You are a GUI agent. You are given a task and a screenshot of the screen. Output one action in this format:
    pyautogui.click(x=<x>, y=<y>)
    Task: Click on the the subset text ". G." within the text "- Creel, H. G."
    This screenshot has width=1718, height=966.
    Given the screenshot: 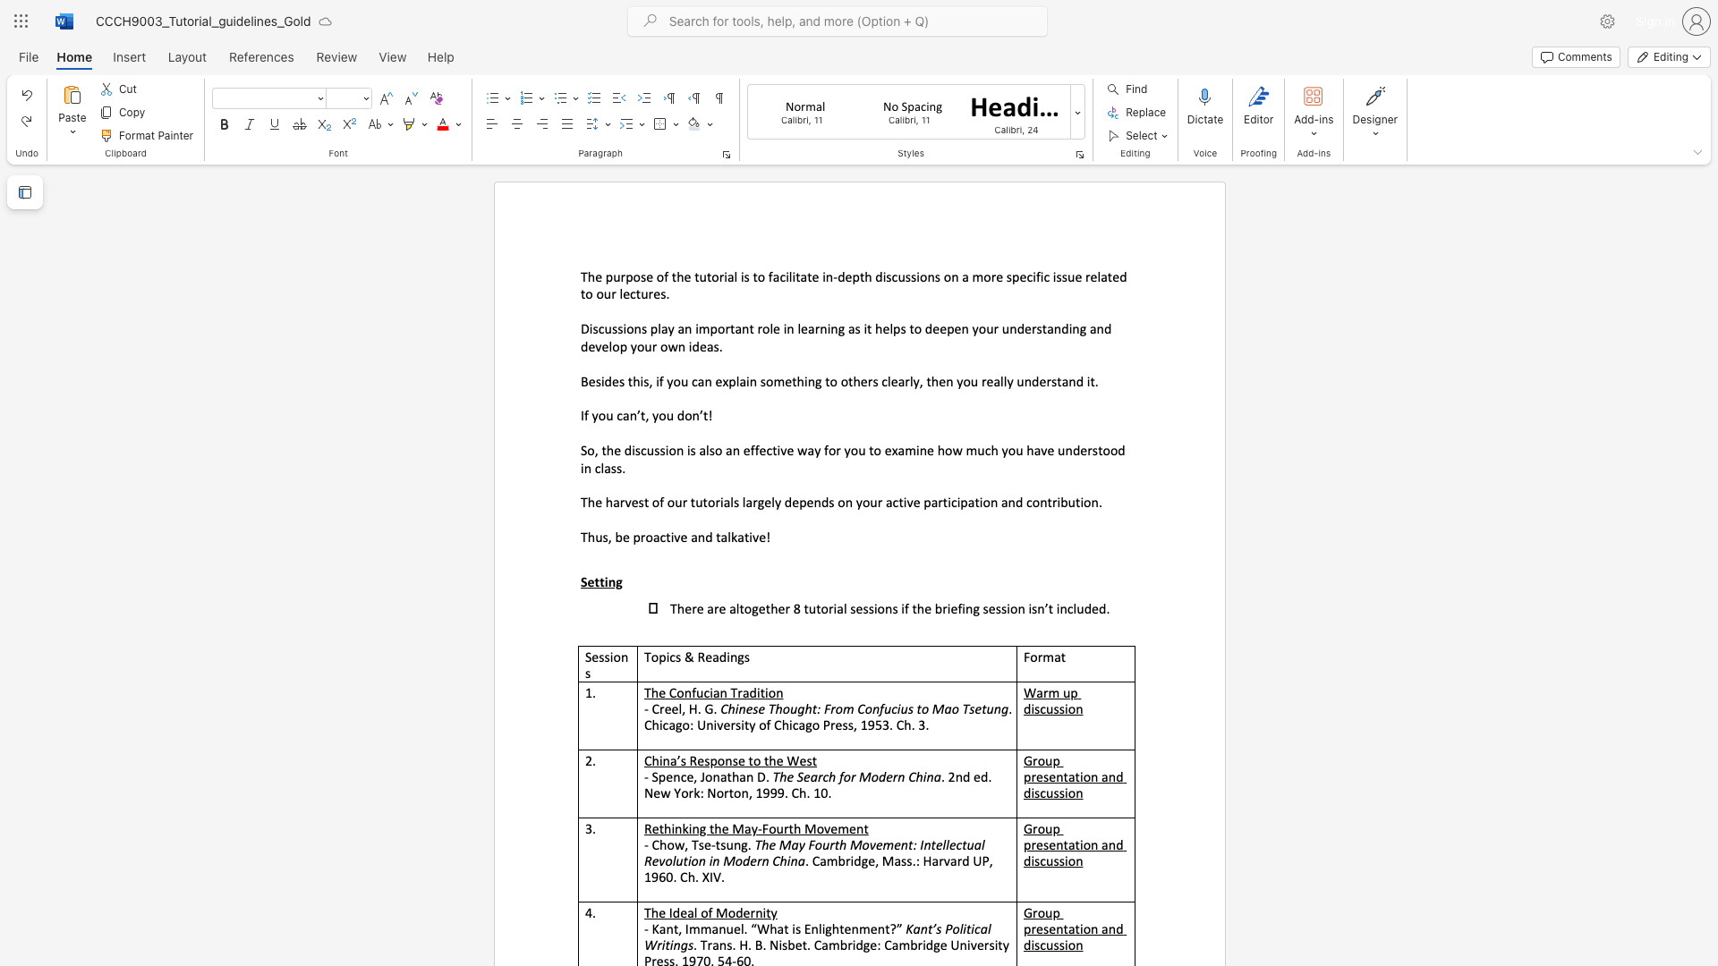 What is the action you would take?
    pyautogui.click(x=696, y=708)
    